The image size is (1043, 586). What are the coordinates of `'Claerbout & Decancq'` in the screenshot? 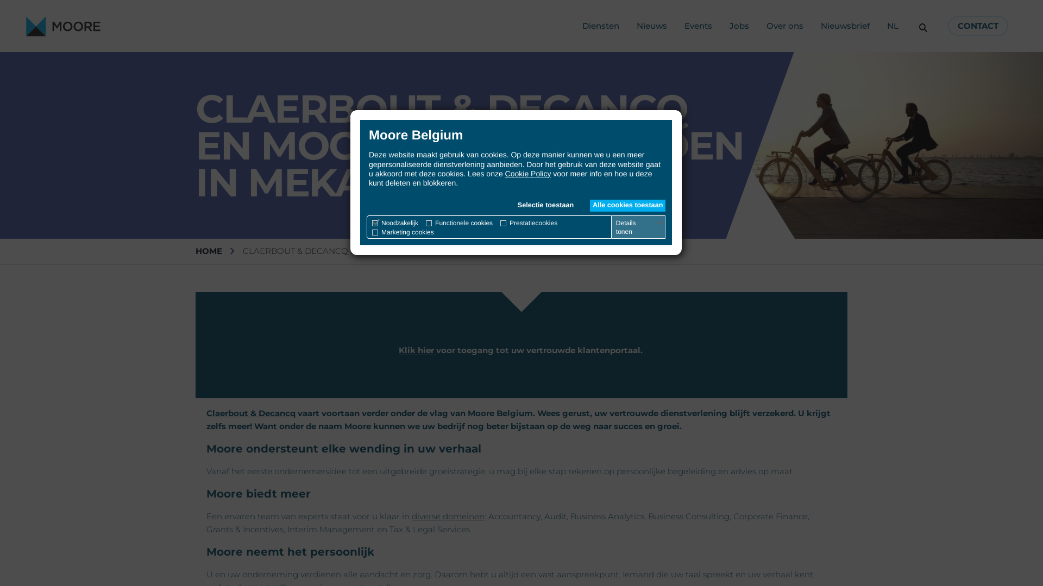 It's located at (250, 413).